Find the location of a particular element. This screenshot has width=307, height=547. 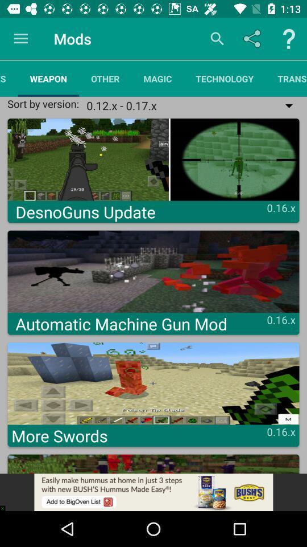

icon to the left of other item is located at coordinates (48, 78).